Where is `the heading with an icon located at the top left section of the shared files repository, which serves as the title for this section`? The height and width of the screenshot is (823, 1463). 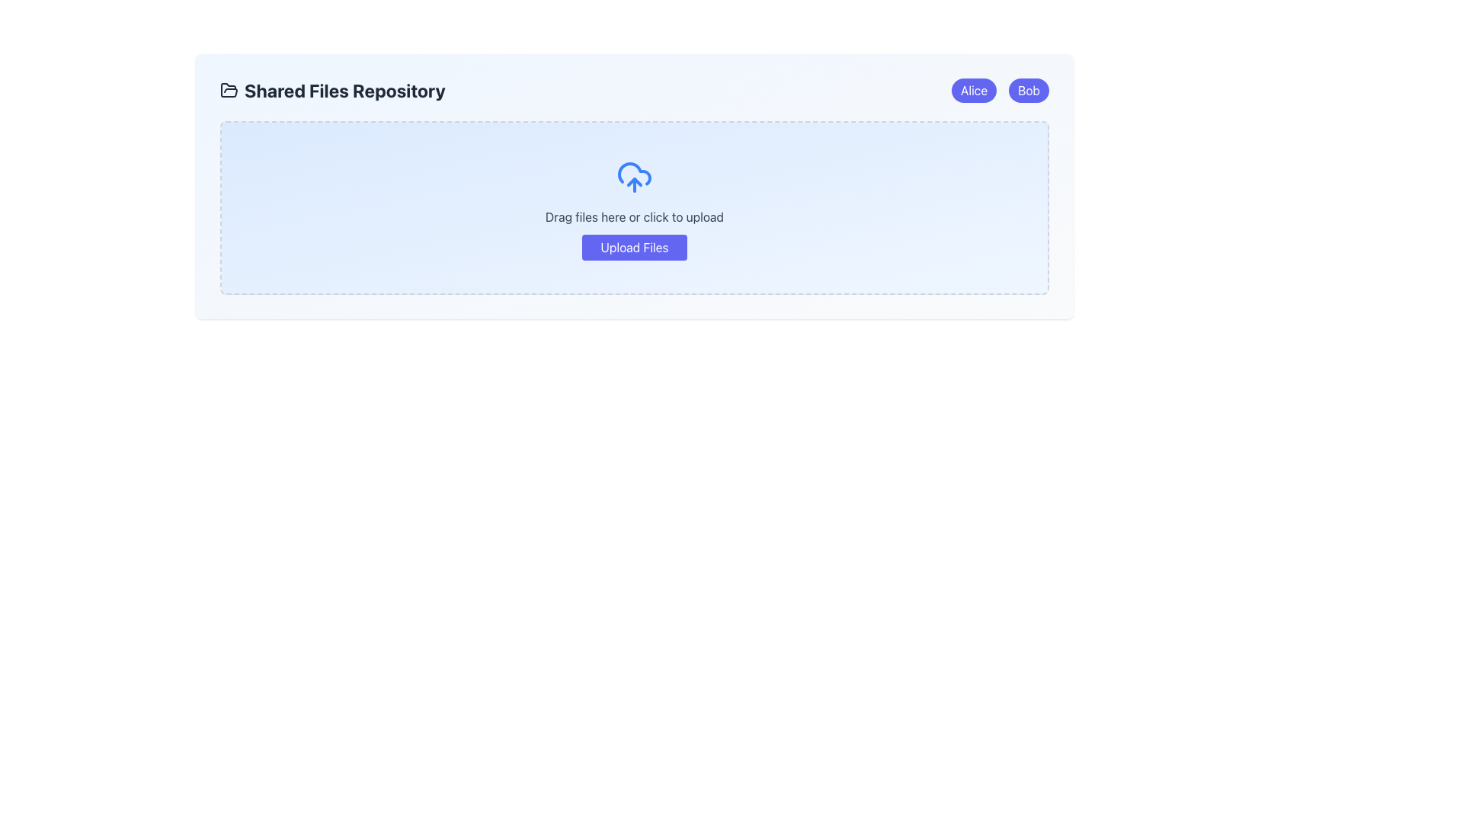 the heading with an icon located at the top left section of the shared files repository, which serves as the title for this section is located at coordinates (331, 91).